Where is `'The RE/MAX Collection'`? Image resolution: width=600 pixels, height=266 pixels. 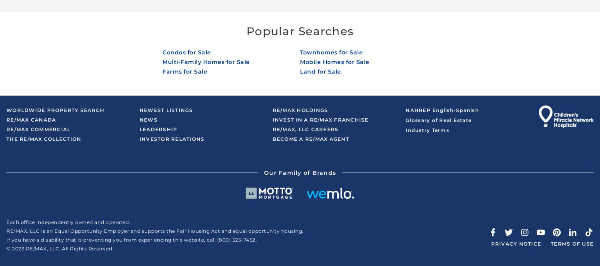
'The RE/MAX Collection' is located at coordinates (43, 138).